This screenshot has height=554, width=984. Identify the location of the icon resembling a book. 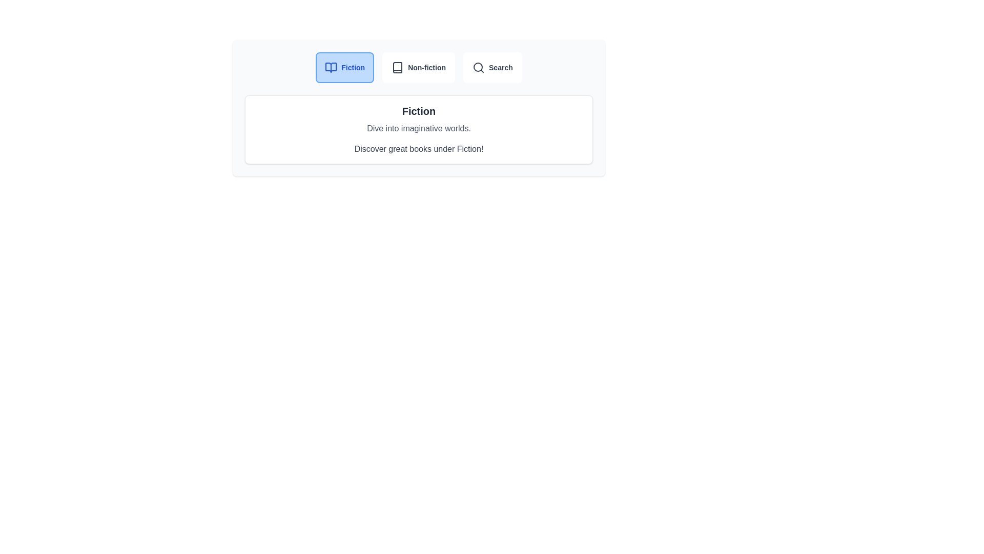
(397, 67).